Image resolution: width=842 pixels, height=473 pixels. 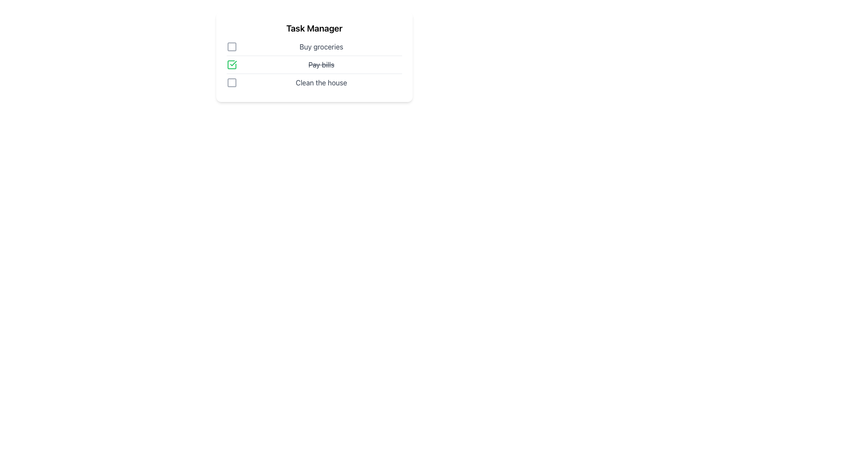 I want to click on on the text label displaying 'Clean the house' located in the lower section of the task list, so click(x=321, y=83).